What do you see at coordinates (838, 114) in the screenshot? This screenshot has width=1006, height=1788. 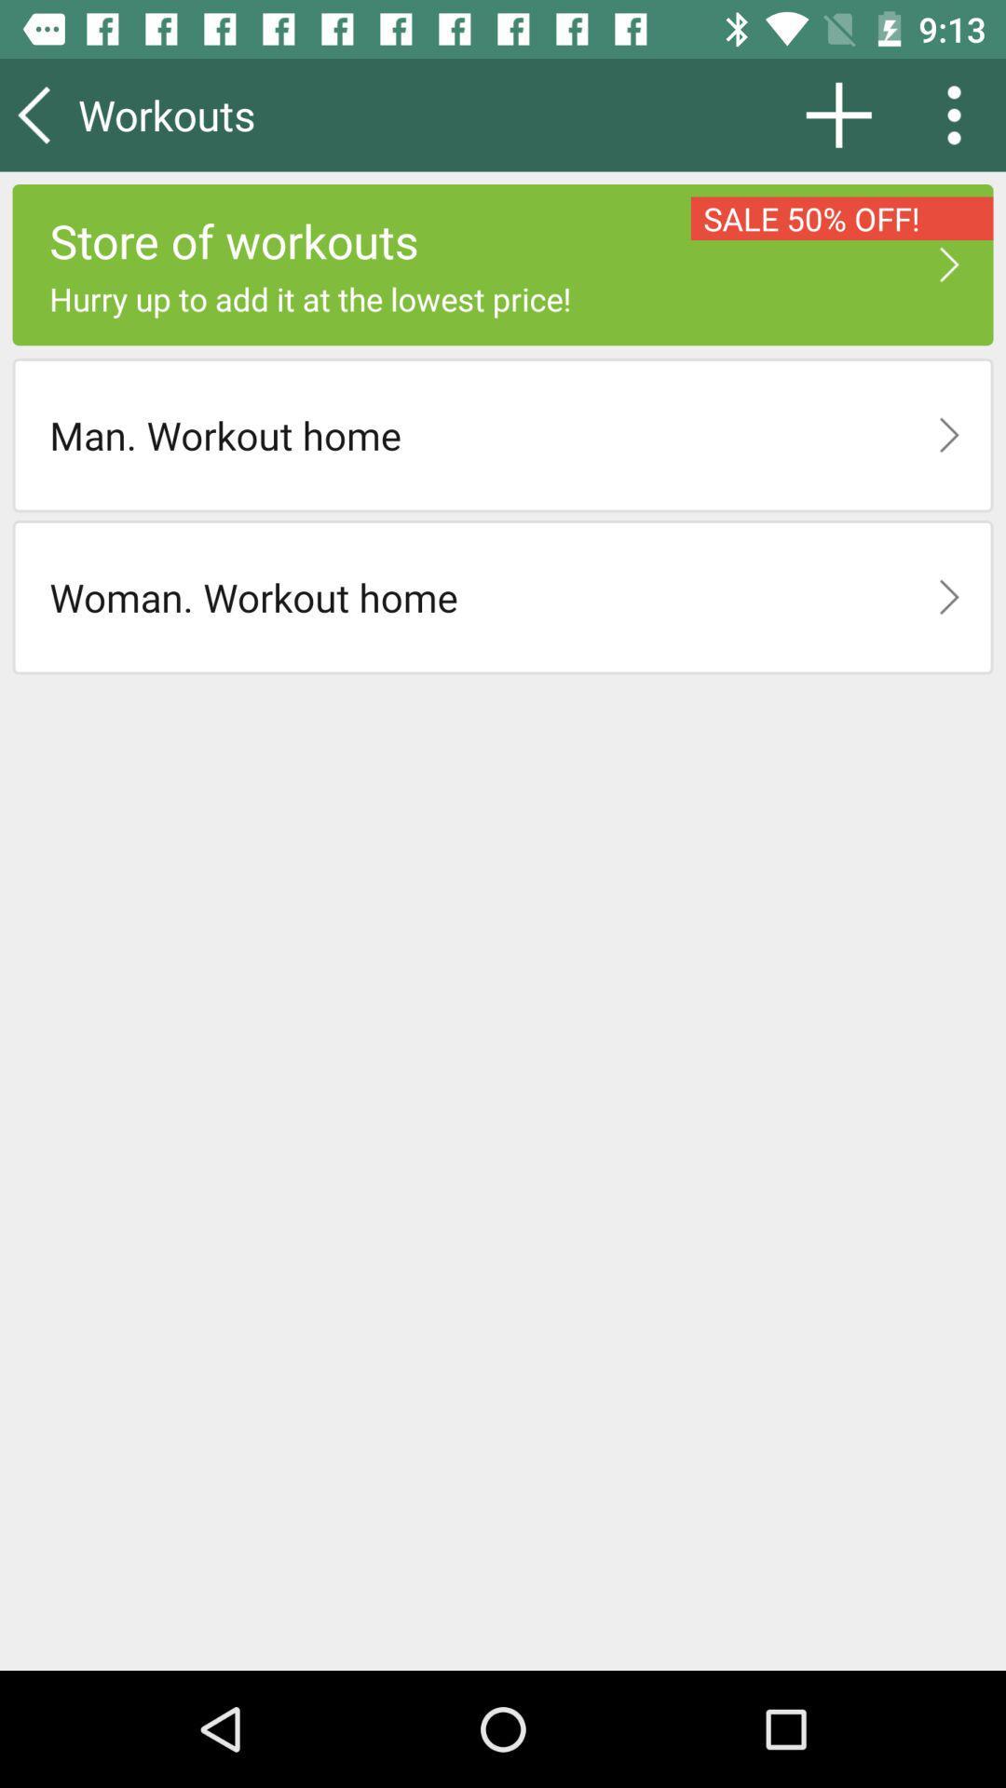 I see `the add icon` at bounding box center [838, 114].